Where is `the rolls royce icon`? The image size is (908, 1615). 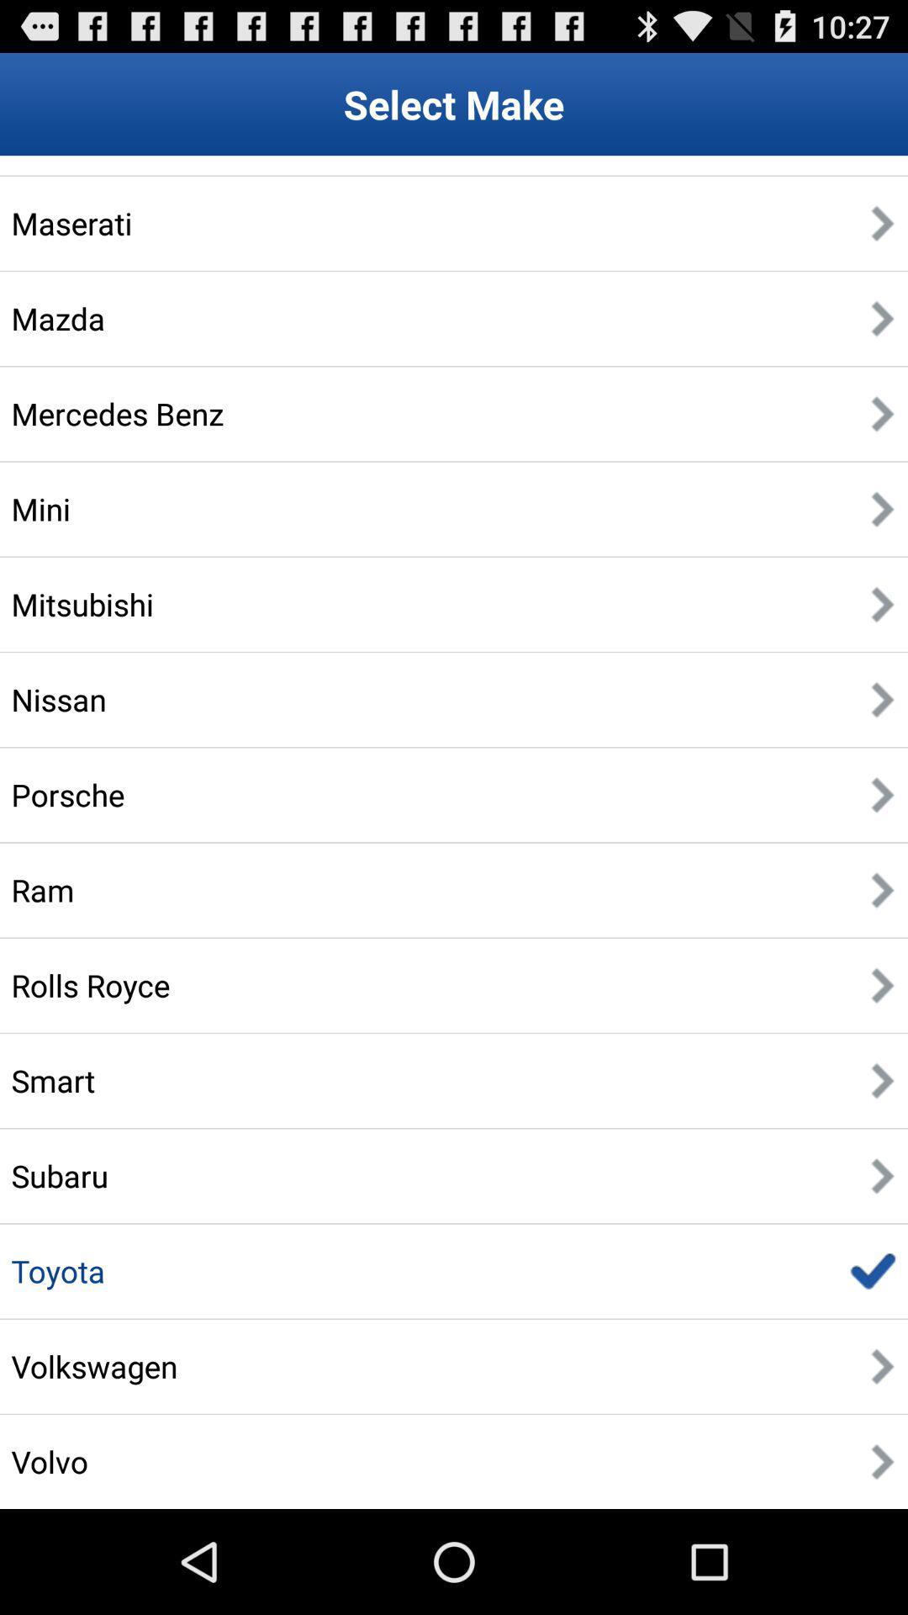 the rolls royce icon is located at coordinates (91, 985).